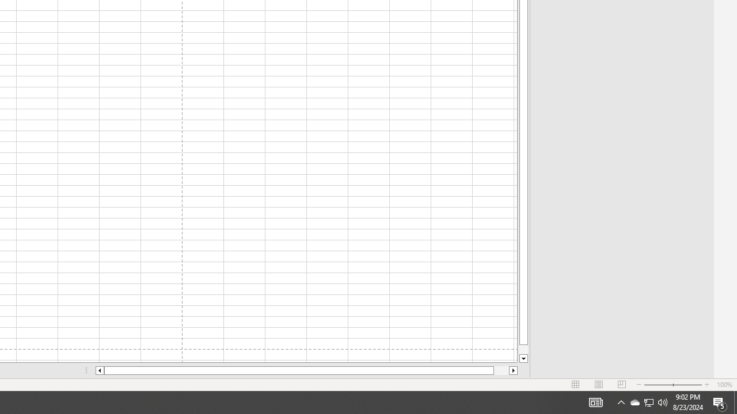 This screenshot has width=737, height=414. I want to click on 'Class: NetUIScrollBar', so click(306, 370).